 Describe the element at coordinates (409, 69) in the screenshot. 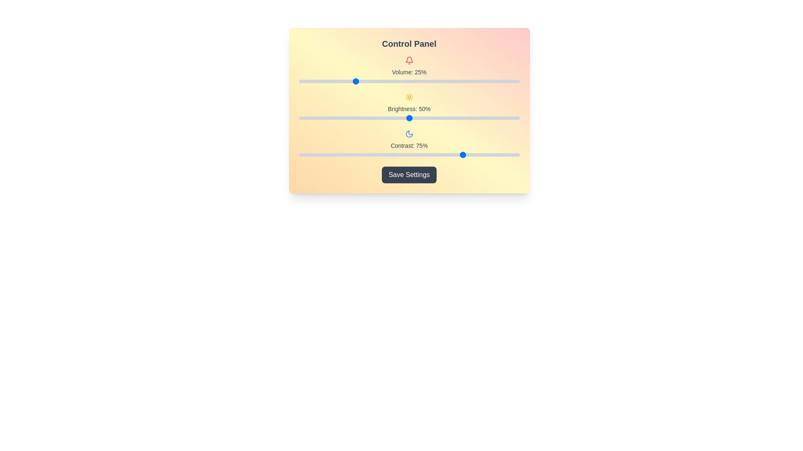

I see `the bell icon in the volume control group` at that location.